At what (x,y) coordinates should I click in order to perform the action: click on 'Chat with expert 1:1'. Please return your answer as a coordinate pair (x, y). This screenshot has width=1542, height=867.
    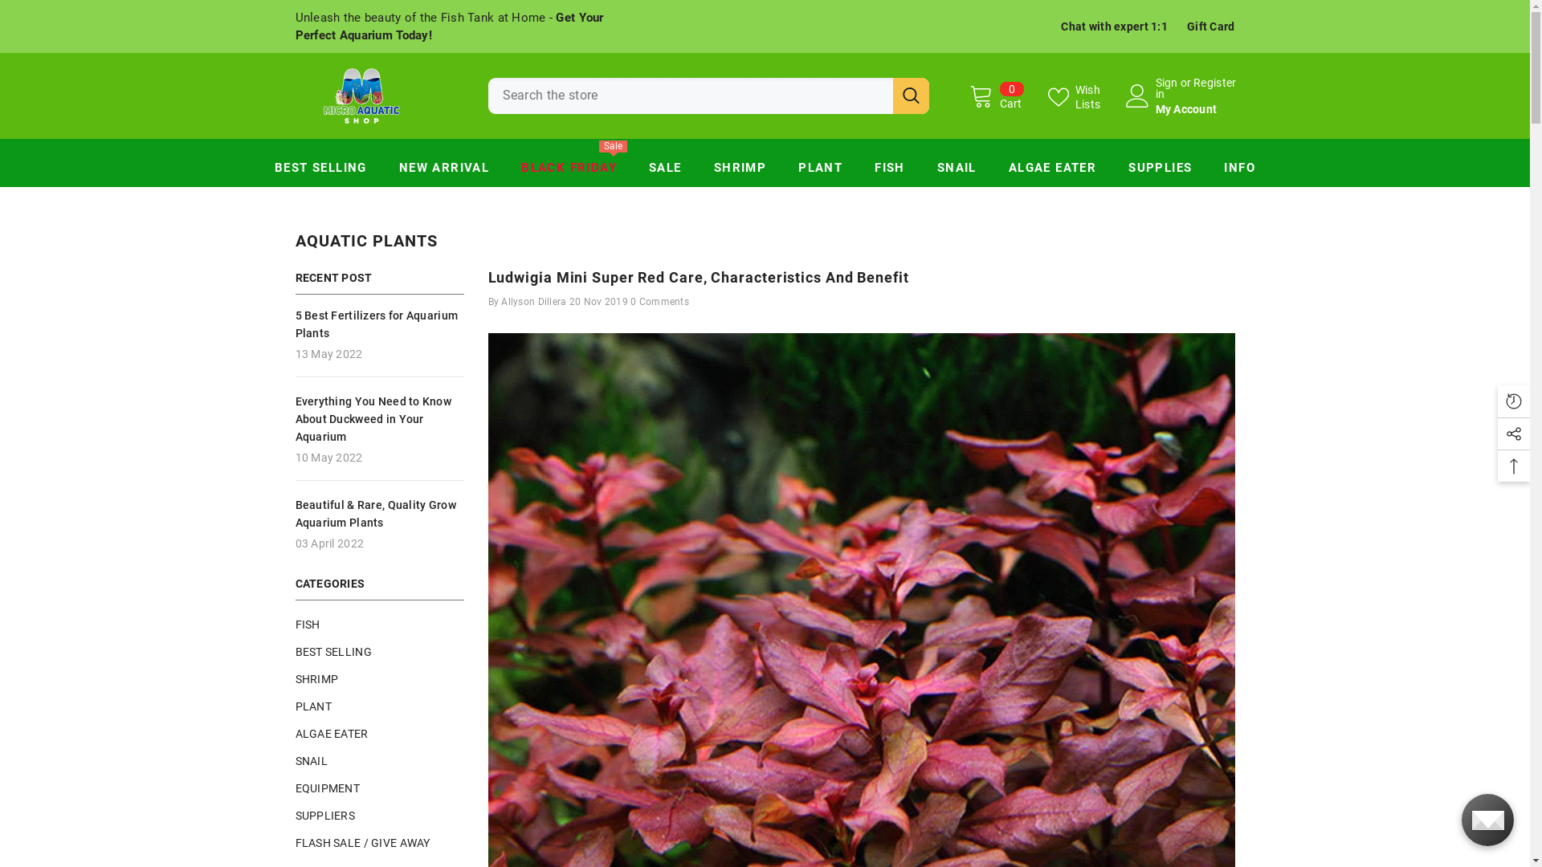
    Looking at the image, I should click on (1060, 26).